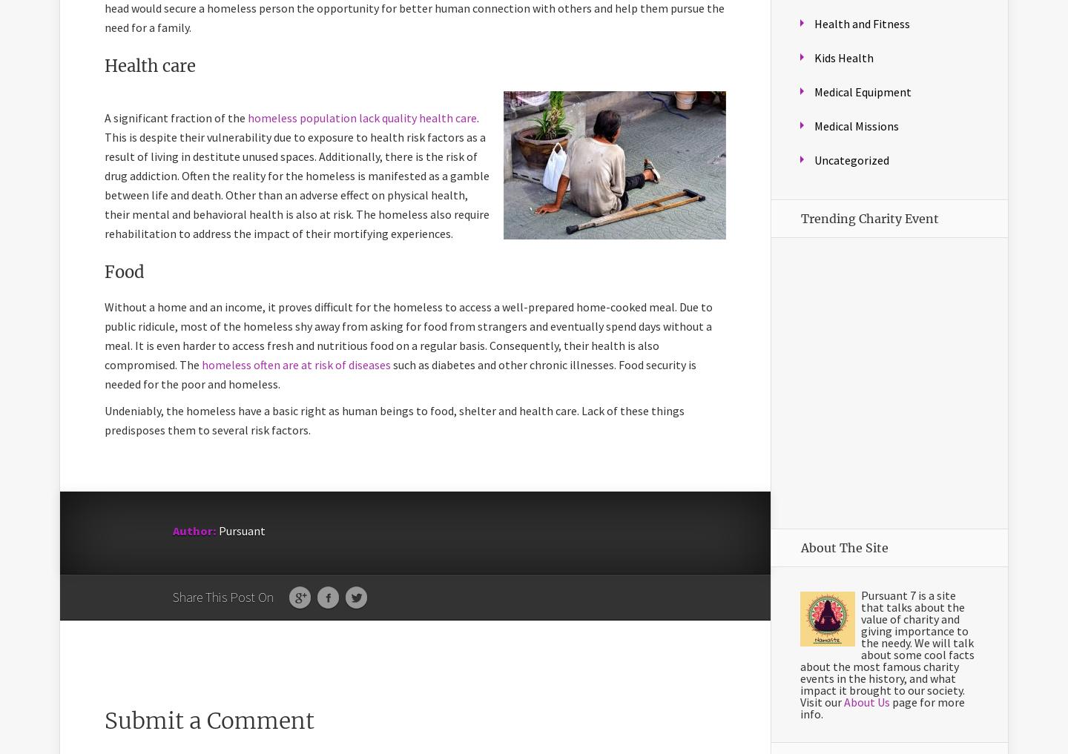  What do you see at coordinates (176, 116) in the screenshot?
I see `'A significant fraction of the'` at bounding box center [176, 116].